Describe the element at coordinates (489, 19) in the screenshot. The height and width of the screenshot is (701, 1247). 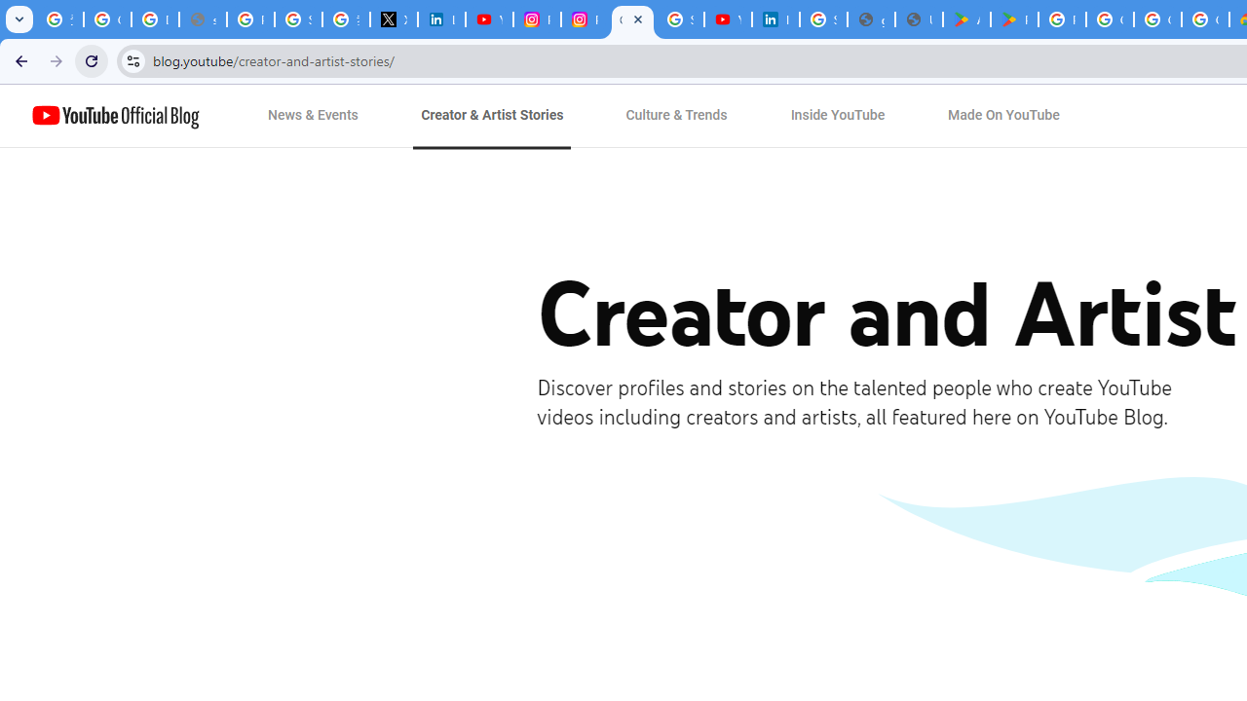
I see `'YouTube Content Monetization Policies - How YouTube Works'` at that location.